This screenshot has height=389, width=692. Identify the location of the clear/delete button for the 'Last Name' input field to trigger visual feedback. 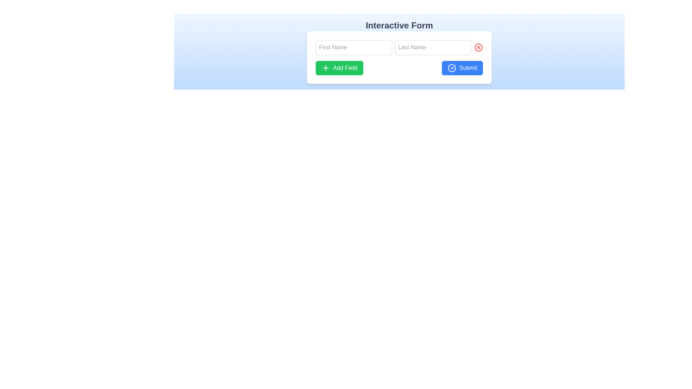
(479, 47).